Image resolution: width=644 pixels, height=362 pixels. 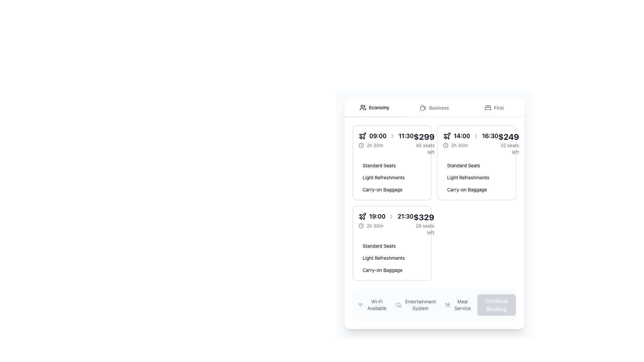 I want to click on the text label displaying '28 seats left' in small gray font located in the lower-right corner of the flight option card, so click(x=423, y=229).